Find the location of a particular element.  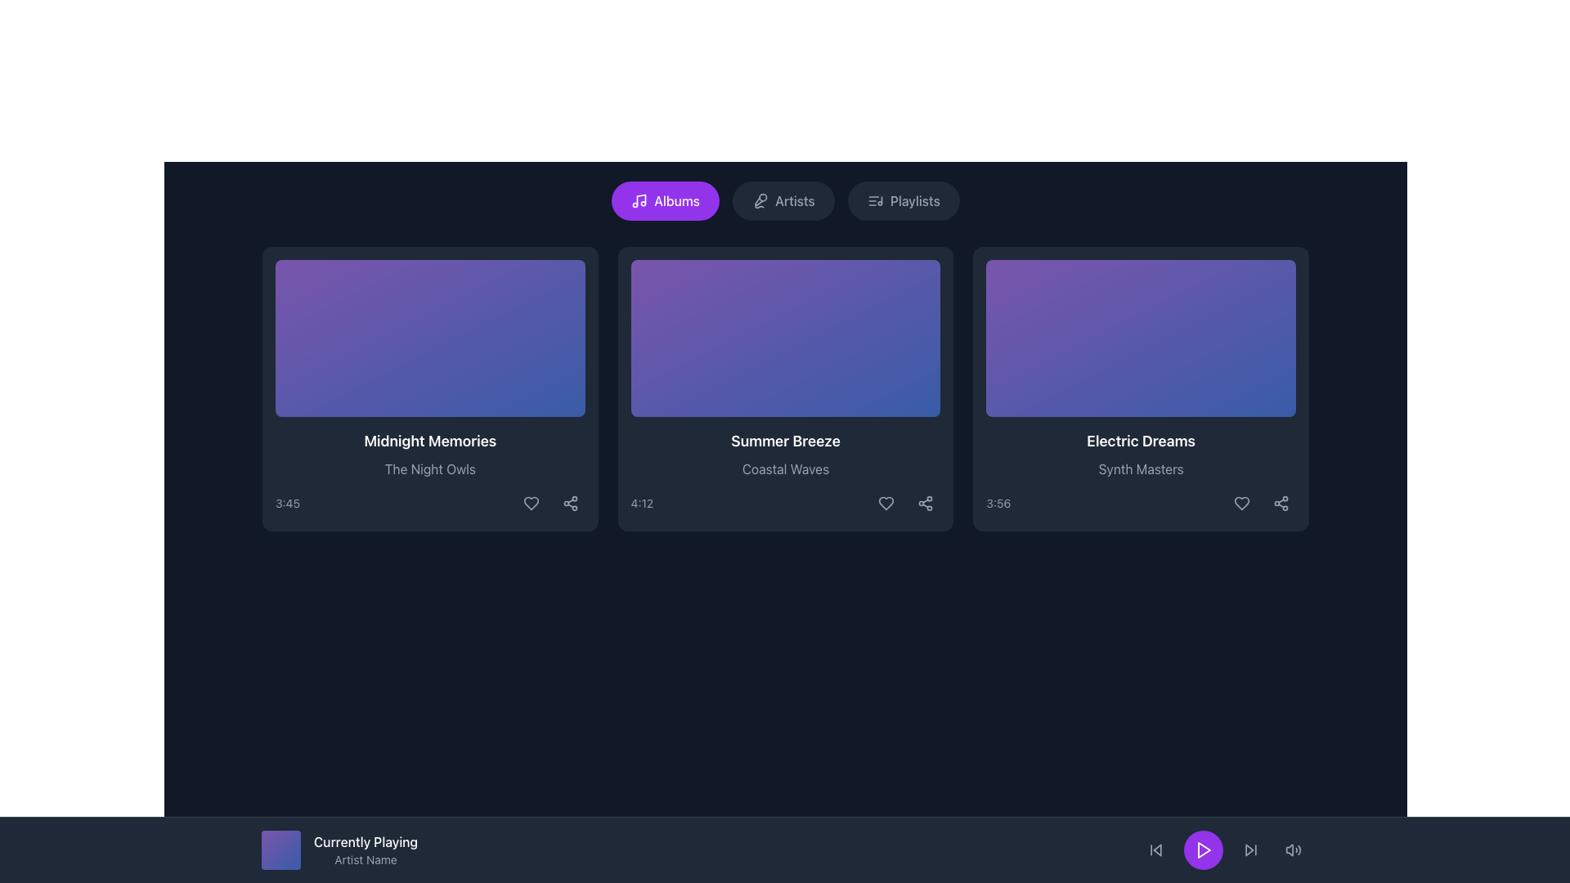

the microphone icon button labeled 'Artists', which is located centrally in the navigation bar, to the left of the text label is located at coordinates (760, 200).